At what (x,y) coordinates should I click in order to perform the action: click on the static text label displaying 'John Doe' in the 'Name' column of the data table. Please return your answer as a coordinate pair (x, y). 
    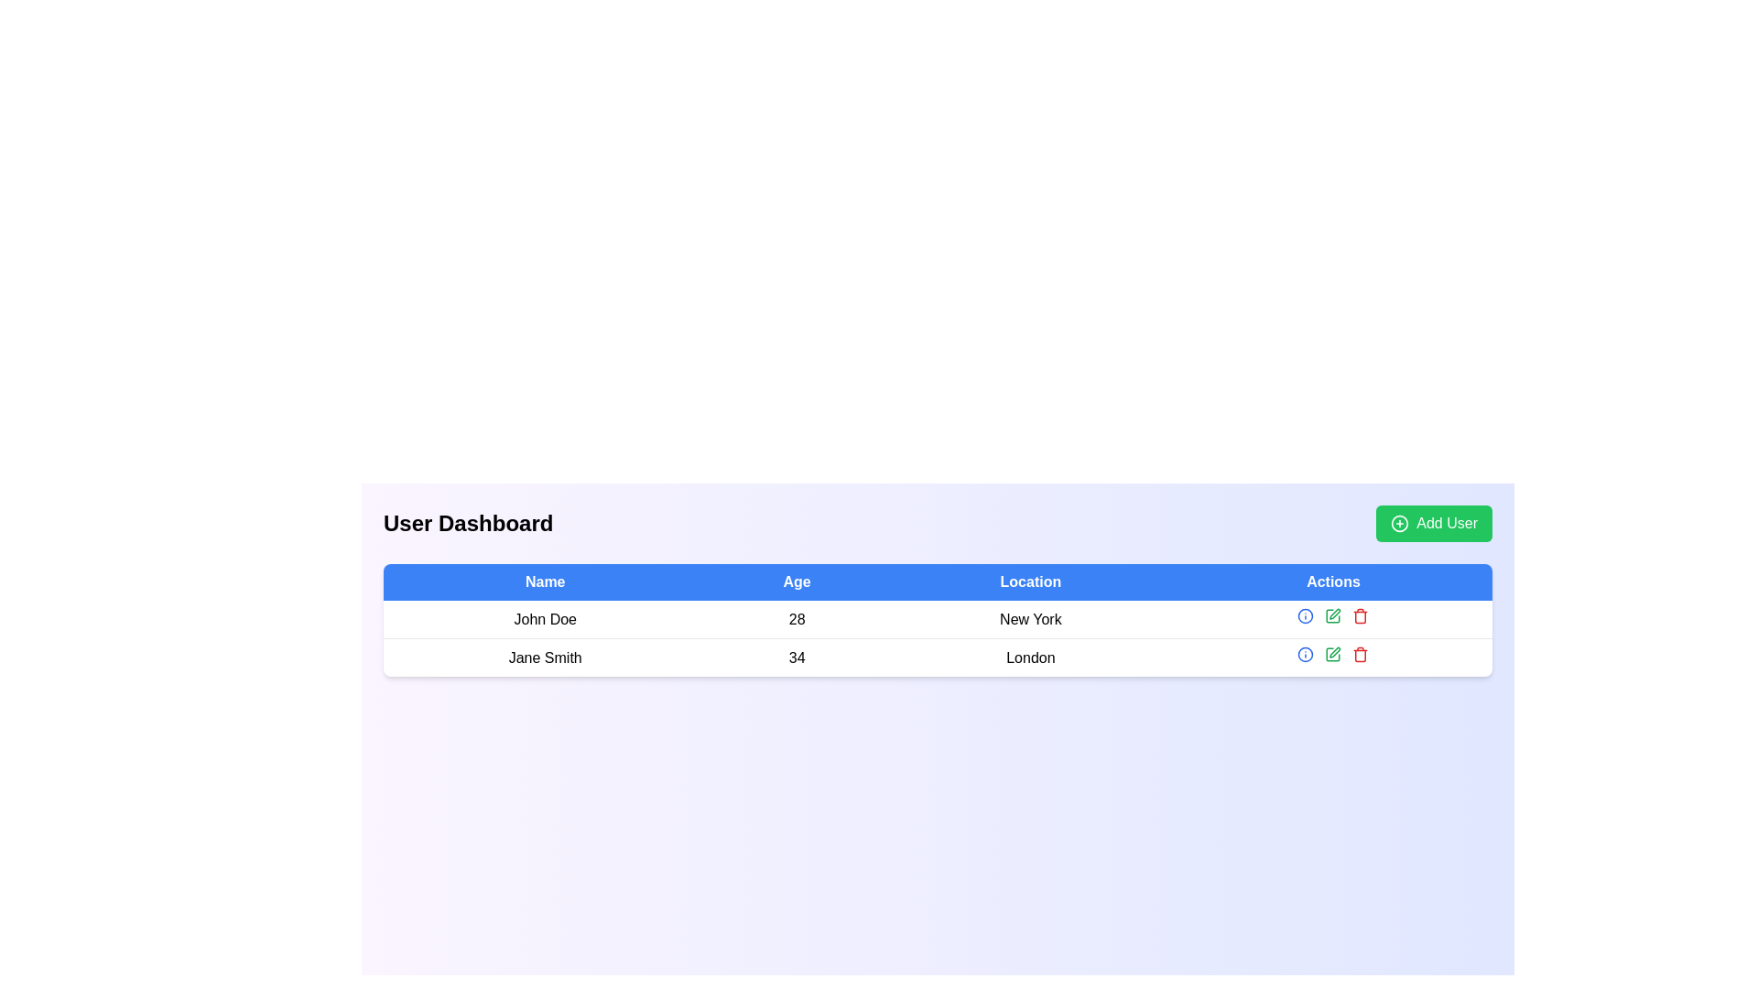
    Looking at the image, I should click on (544, 618).